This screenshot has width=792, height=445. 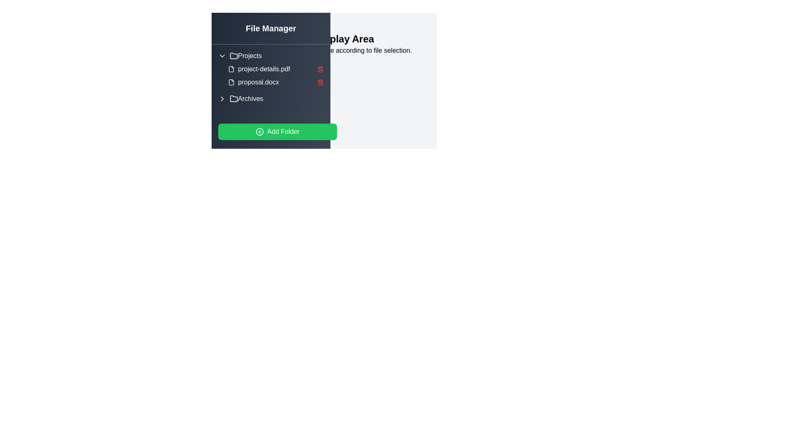 I want to click on the small right-pointing chevron icon with a minimalist outline, so click(x=222, y=98).